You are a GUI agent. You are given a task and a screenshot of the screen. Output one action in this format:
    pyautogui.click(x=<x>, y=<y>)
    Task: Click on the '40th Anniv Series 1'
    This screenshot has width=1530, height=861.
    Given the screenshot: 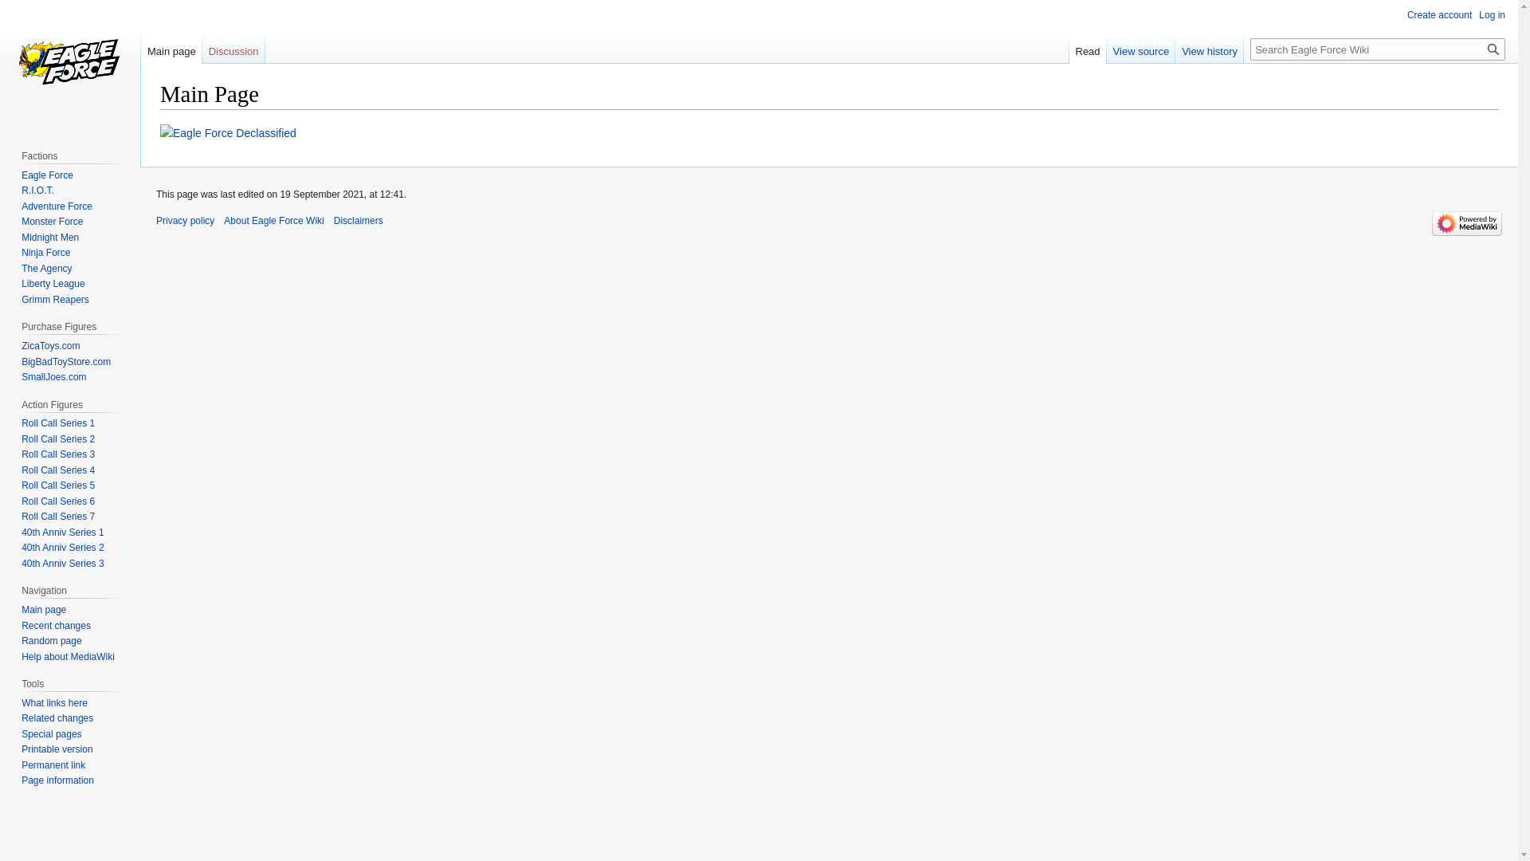 What is the action you would take?
    pyautogui.click(x=62, y=532)
    